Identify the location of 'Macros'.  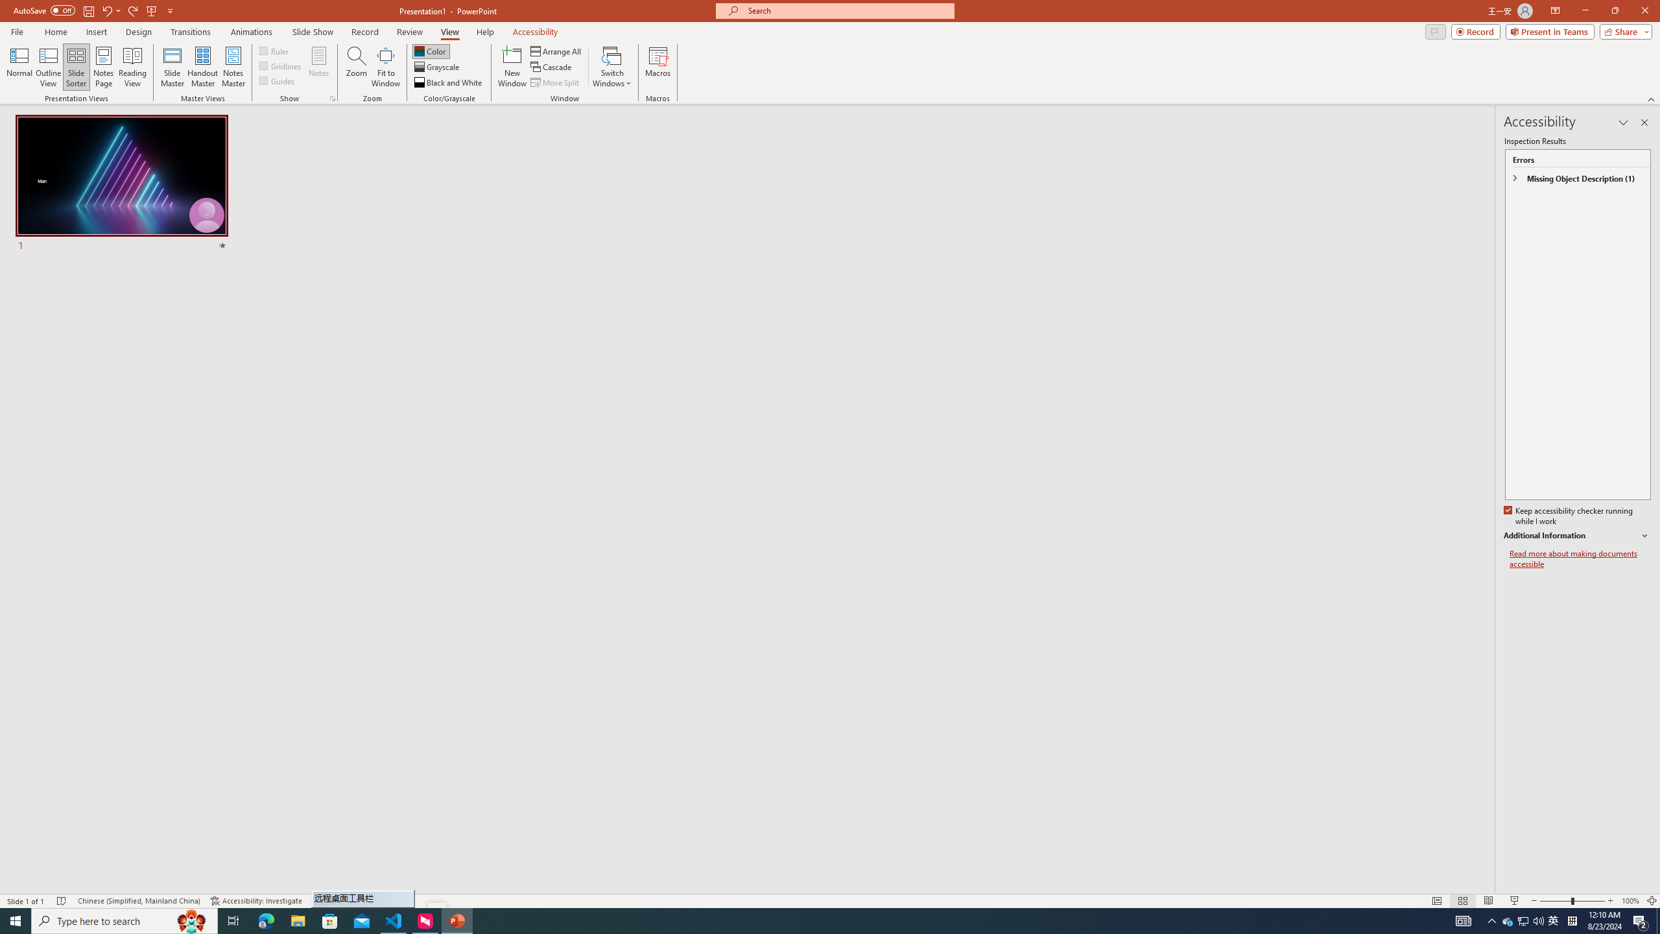
(658, 67).